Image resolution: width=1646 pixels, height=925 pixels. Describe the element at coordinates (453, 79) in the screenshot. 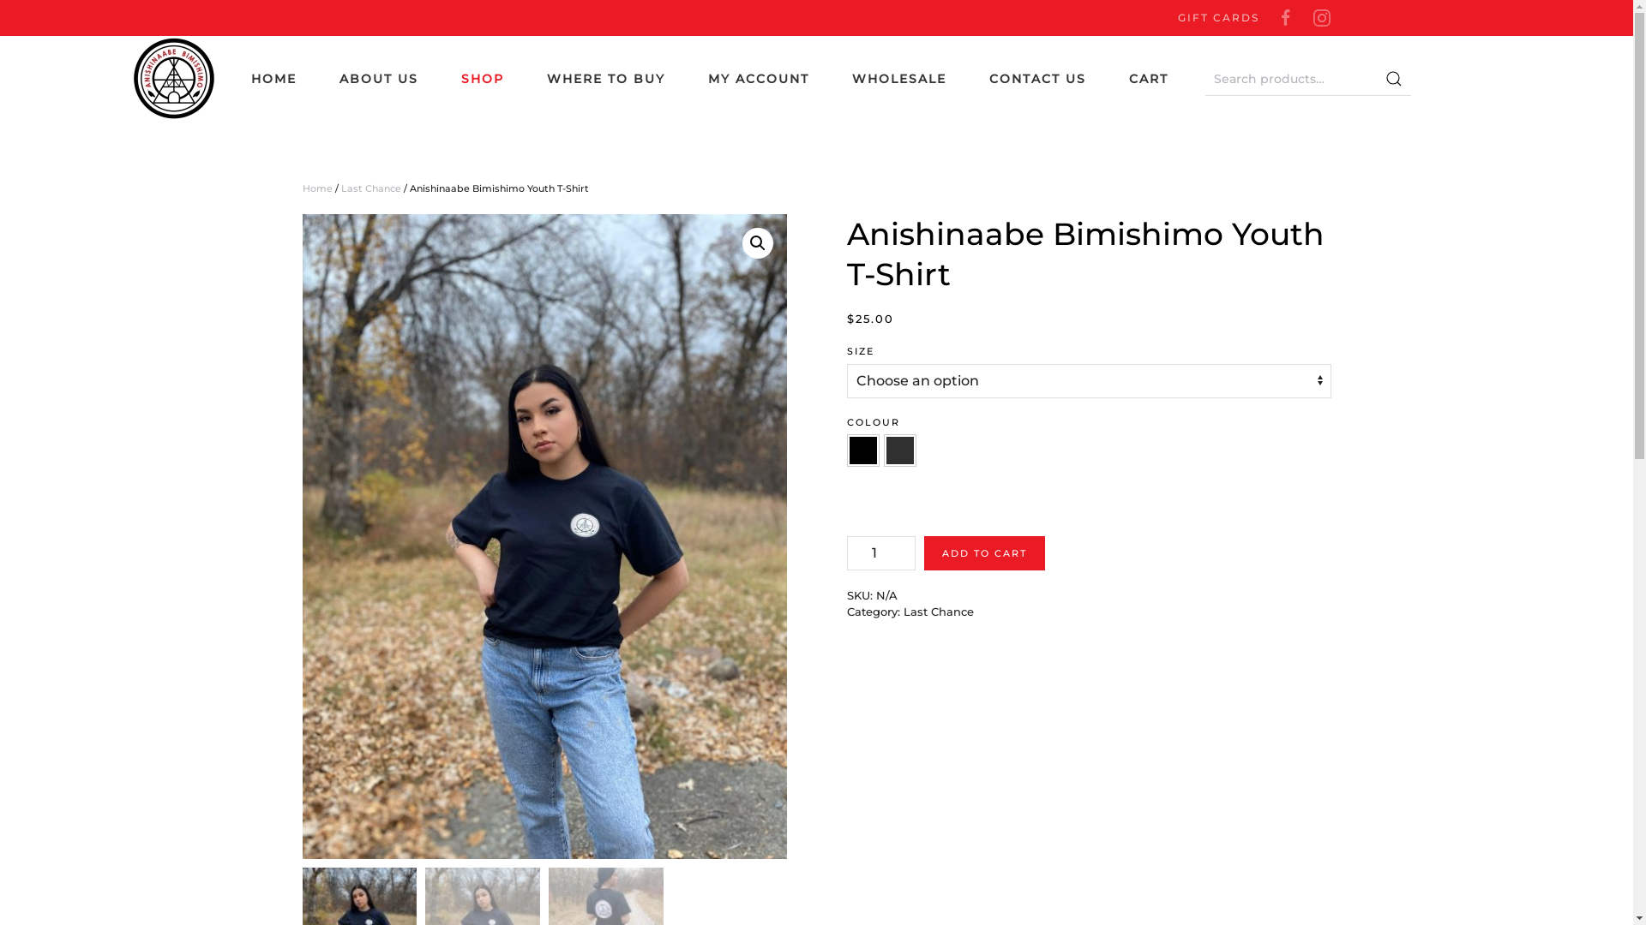

I see `'SHOP'` at that location.